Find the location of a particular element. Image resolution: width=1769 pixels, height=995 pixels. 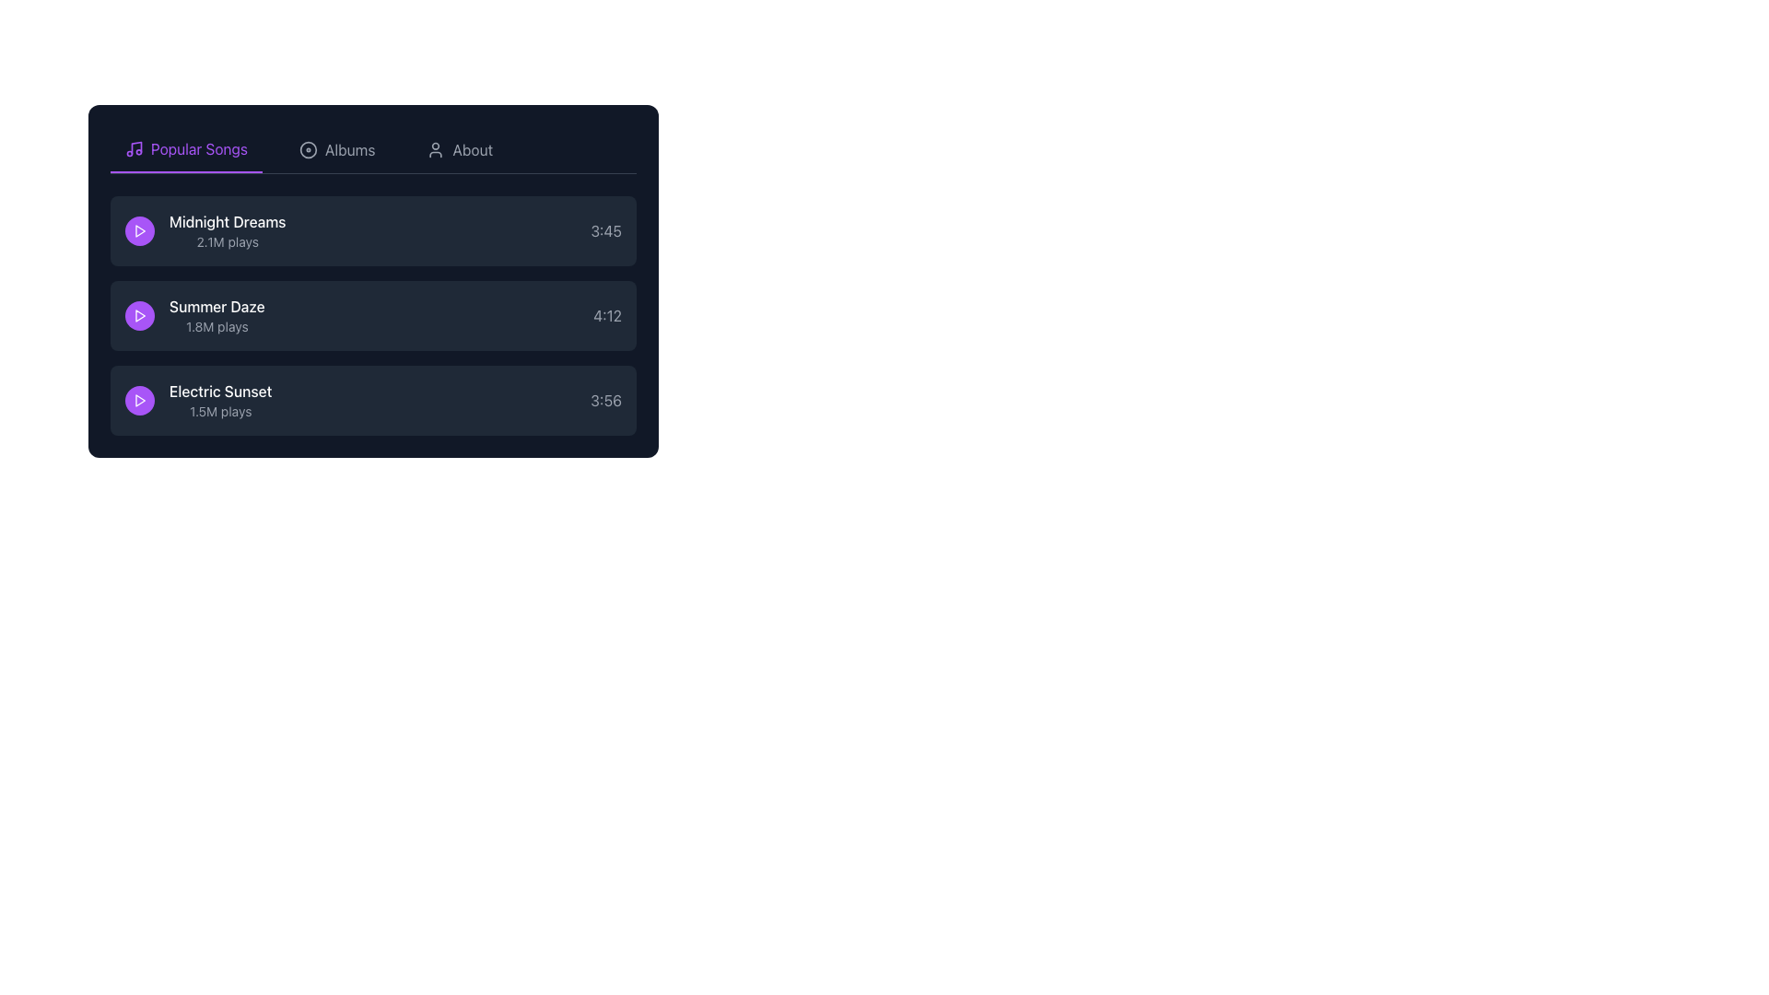

text displayed on the duration label located in the lower-right corner of the second song entry in the vertically stacked list of songs is located at coordinates (607, 315).